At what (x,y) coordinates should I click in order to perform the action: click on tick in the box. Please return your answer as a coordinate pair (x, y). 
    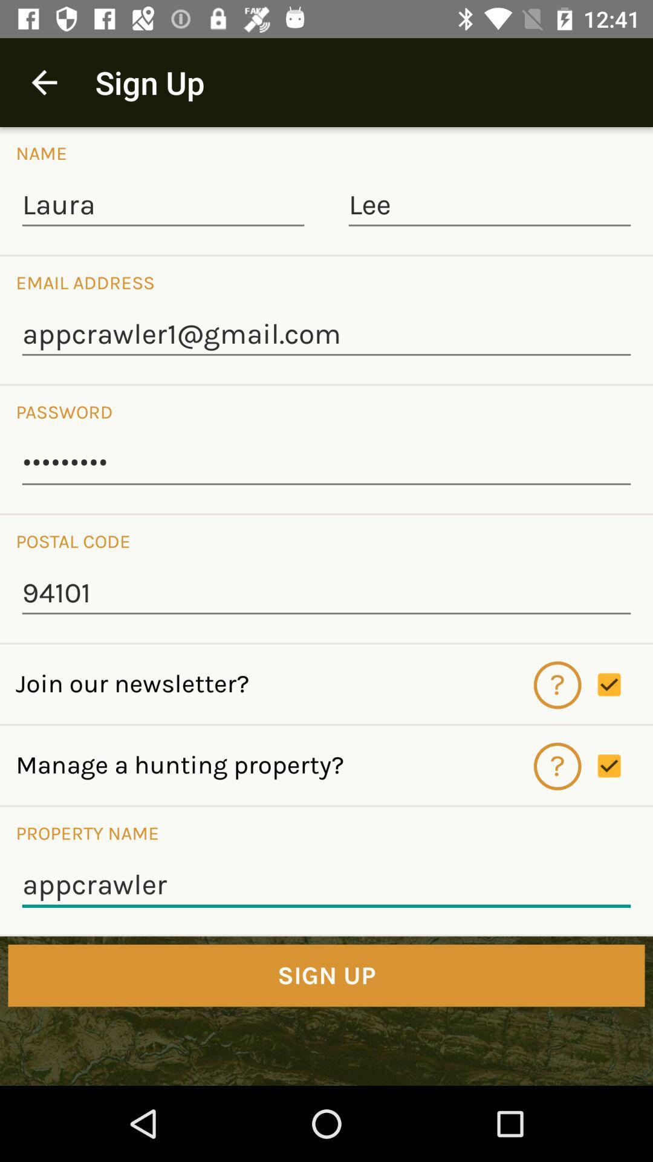
    Looking at the image, I should click on (625, 766).